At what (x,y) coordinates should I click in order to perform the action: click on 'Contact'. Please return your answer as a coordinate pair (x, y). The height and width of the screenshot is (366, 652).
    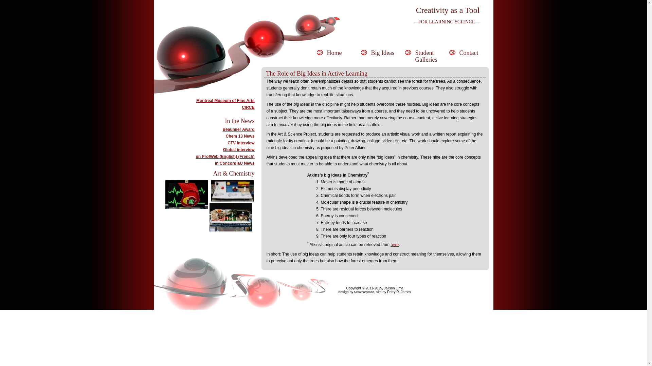
    Looking at the image, I should click on (471, 54).